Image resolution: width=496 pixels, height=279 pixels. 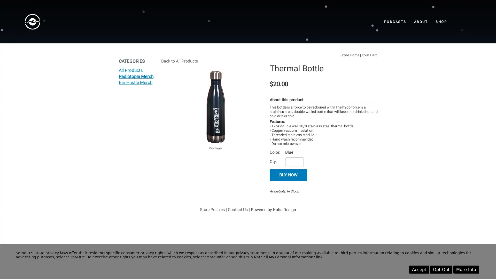 What do you see at coordinates (419, 269) in the screenshot?
I see `Accept` at bounding box center [419, 269].